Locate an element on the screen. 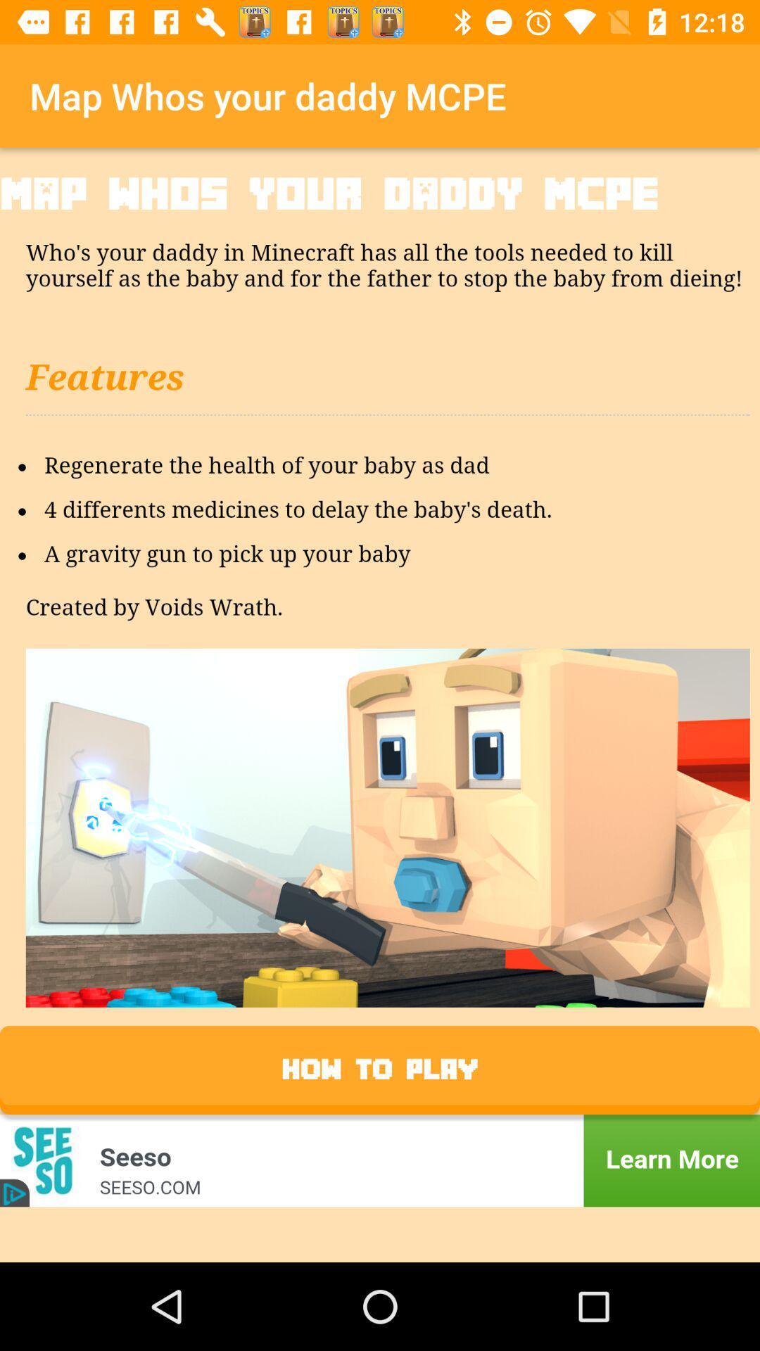  more information about an advertisement is located at coordinates (380, 1160).